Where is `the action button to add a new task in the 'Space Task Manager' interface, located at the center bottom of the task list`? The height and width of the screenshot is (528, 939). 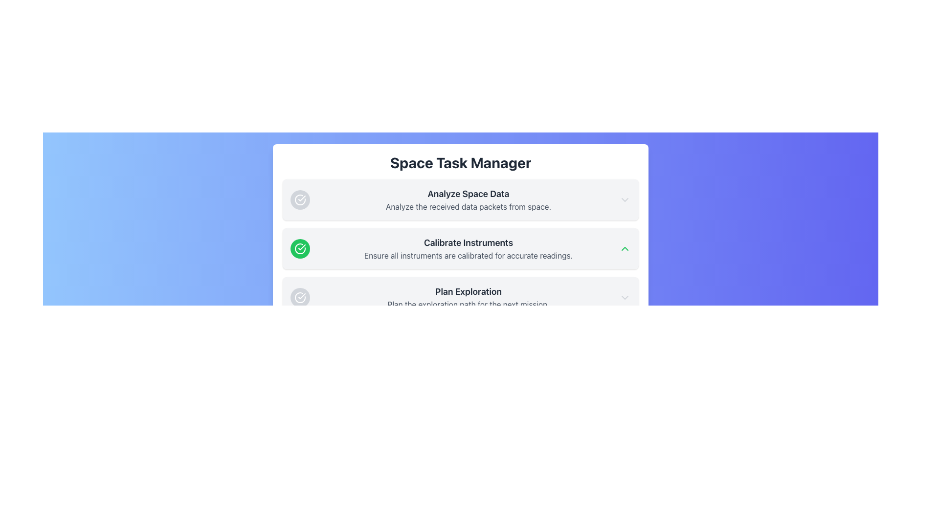 the action button to add a new task in the 'Space Task Manager' interface, located at the center bottom of the task list is located at coordinates (460, 339).